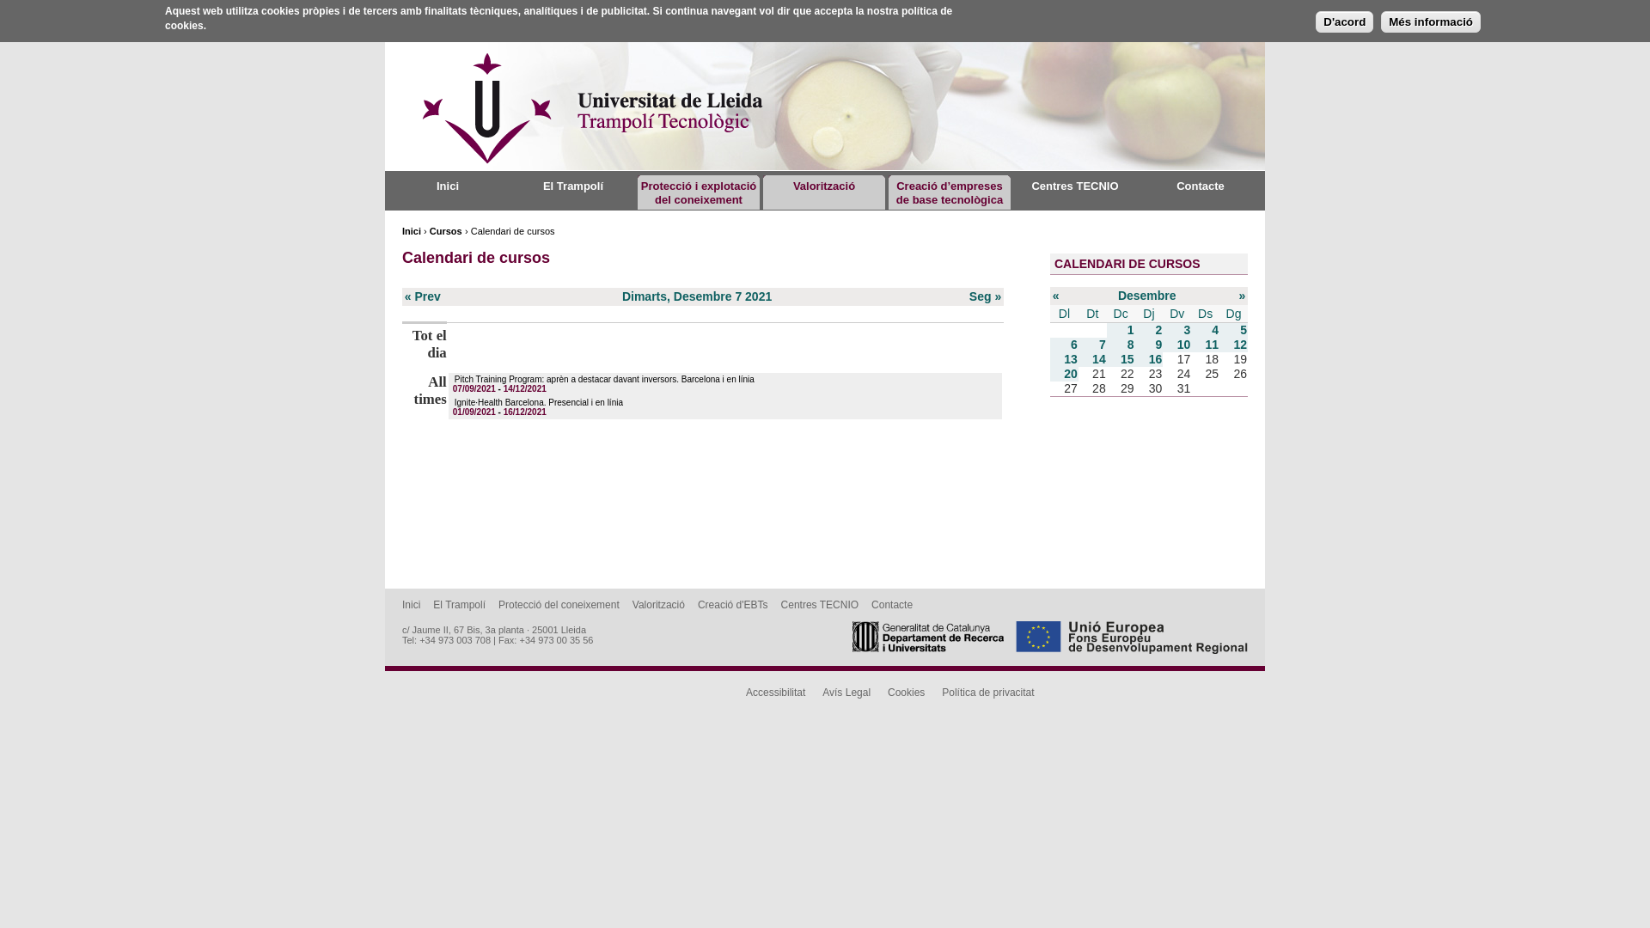 This screenshot has width=1650, height=928. I want to click on '14', so click(1097, 357).